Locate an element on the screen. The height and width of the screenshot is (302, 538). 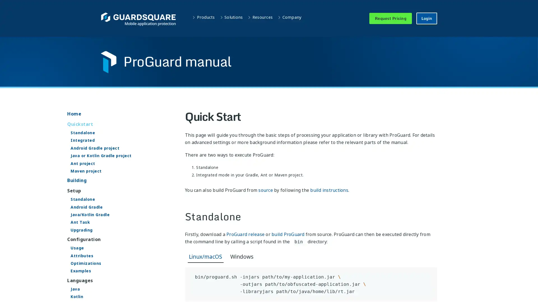
Search is located at coordinates (343, 9).